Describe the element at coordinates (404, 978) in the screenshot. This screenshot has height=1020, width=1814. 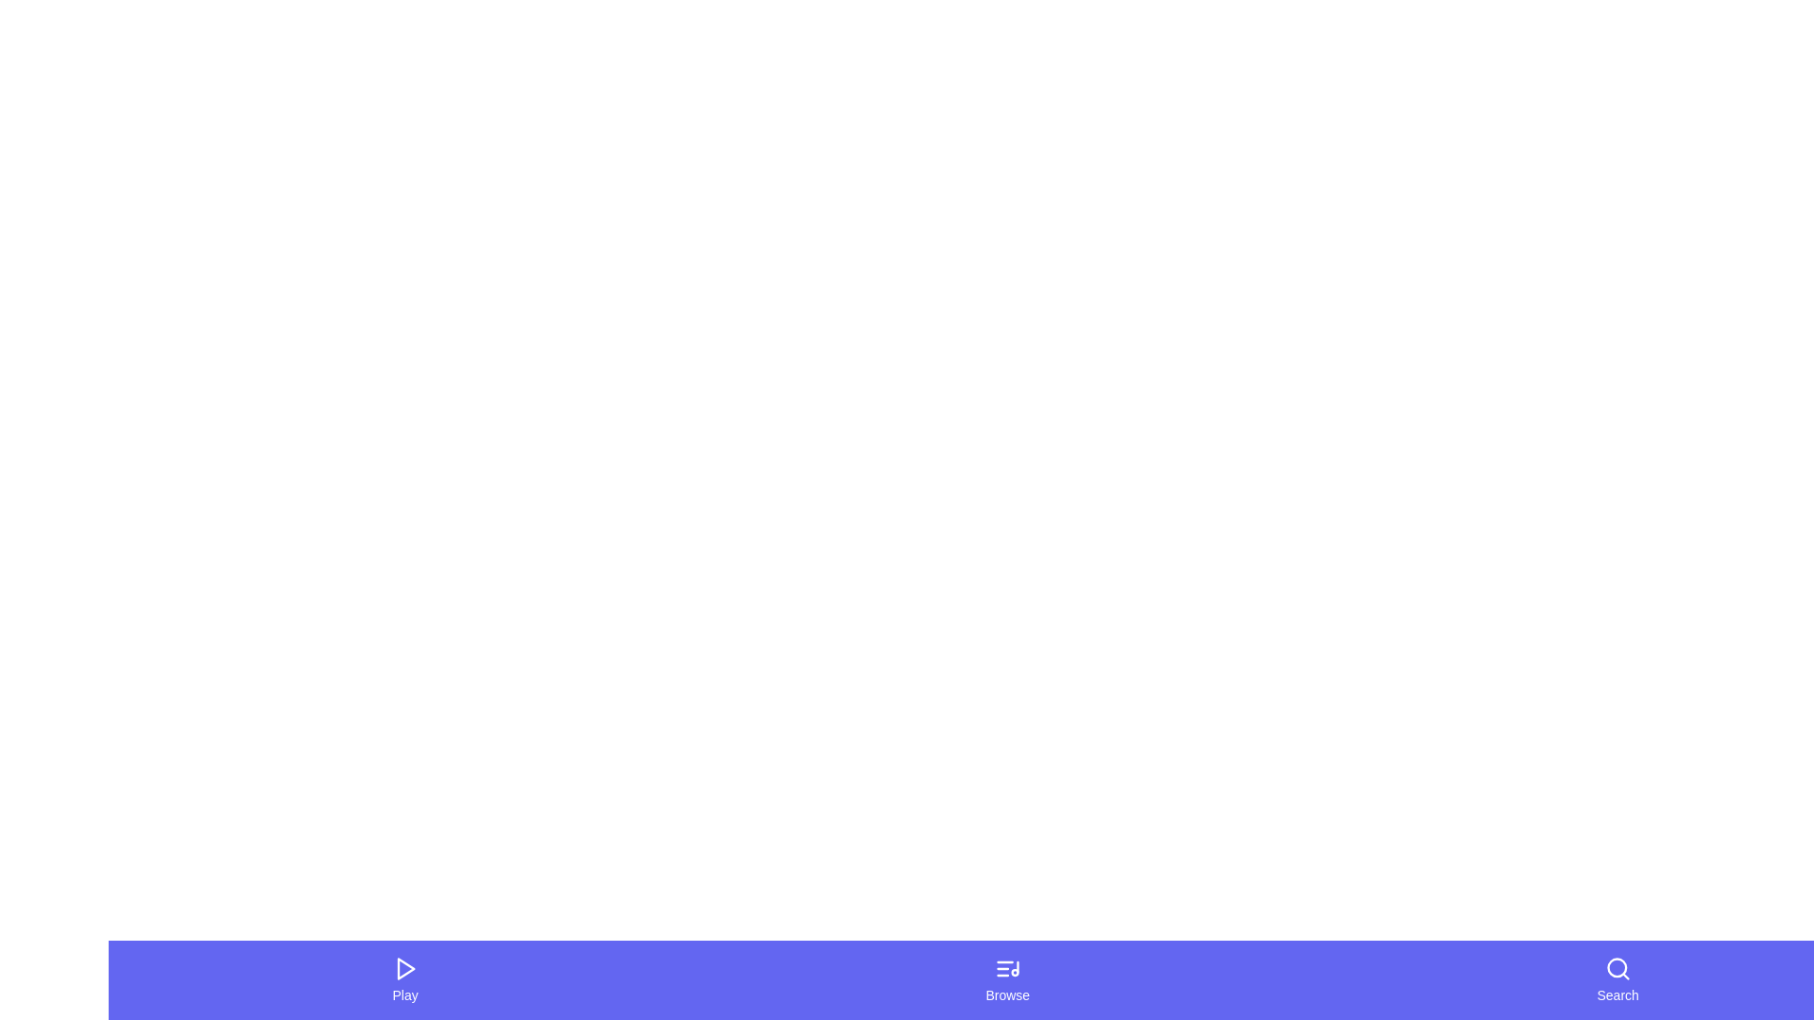
I see `the Play tab in the bottom navigation bar` at that location.